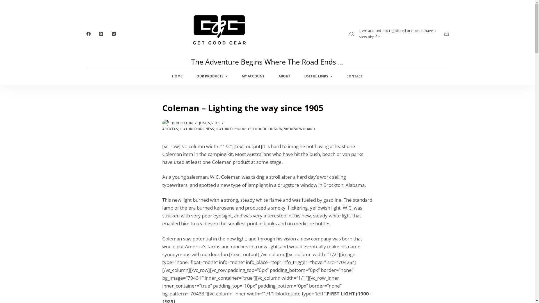  I want to click on 'Our Clients', so click(99, 206).